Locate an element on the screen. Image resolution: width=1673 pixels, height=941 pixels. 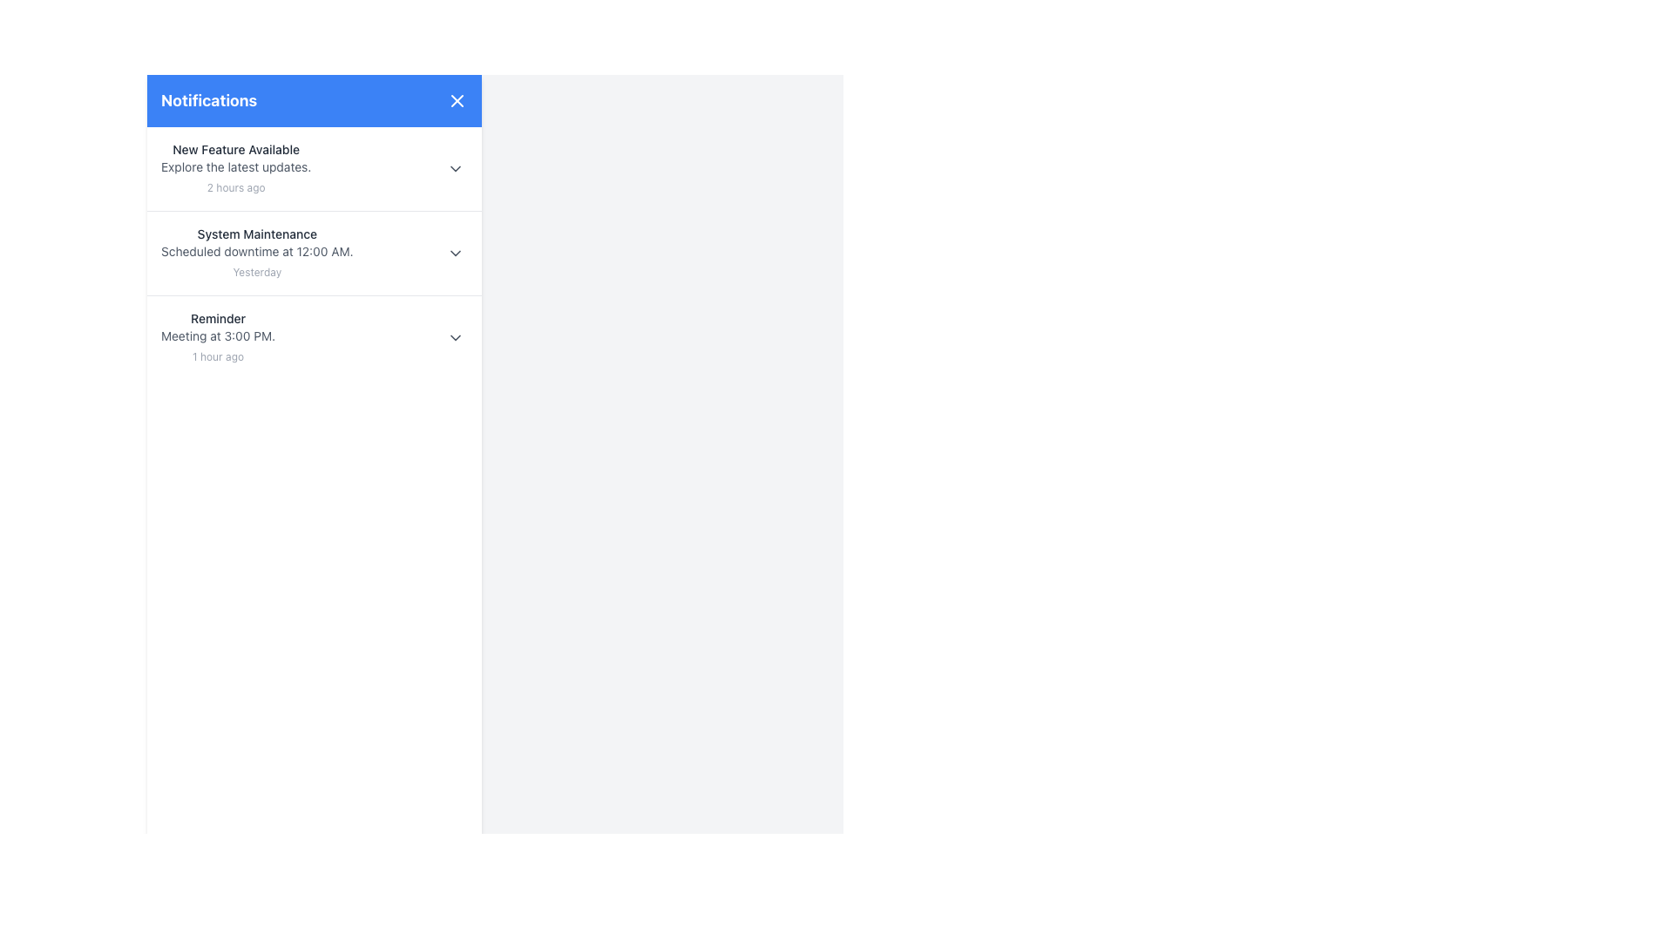
the downward-facing arrow icon button with a light gray background, positioned at the right end of the notification labeled 'Reminder, Meeting at 3:00 PM, 1 hour ago' is located at coordinates (456, 338).